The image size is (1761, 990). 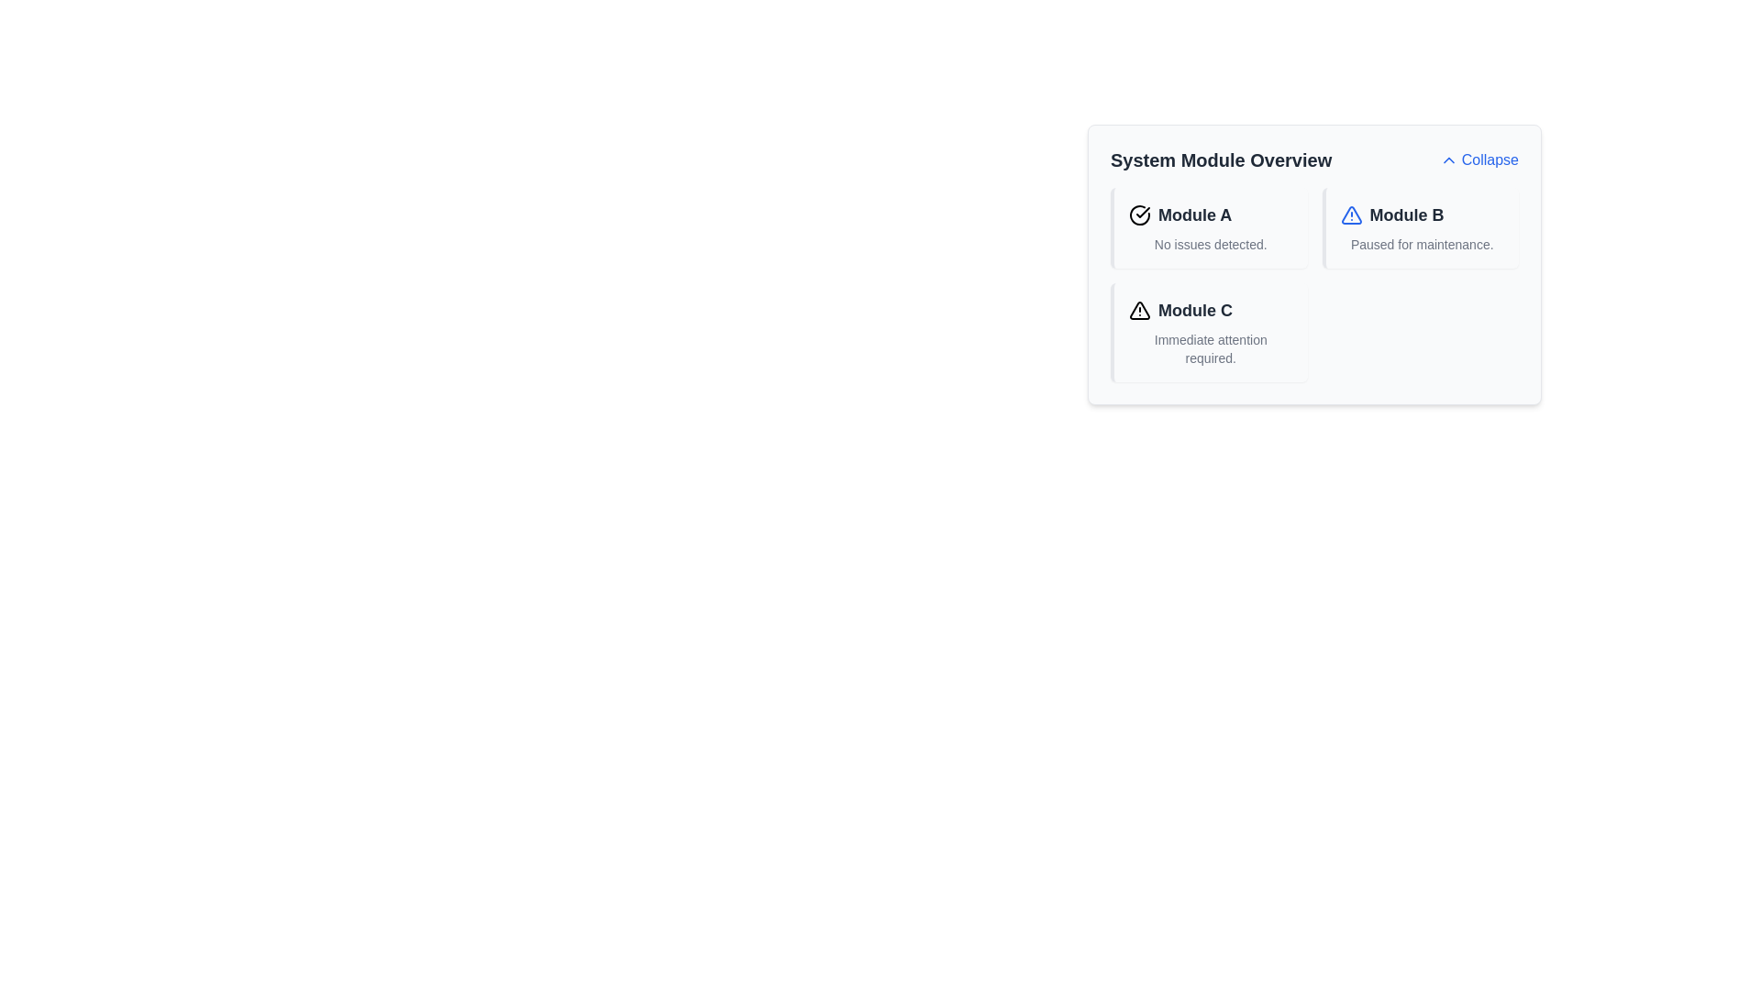 I want to click on the text label 'Module A' which is styled with a bold gray font and accompanied by a checkmark icon, located within the green-highlighted section of module panels, so click(x=1211, y=214).